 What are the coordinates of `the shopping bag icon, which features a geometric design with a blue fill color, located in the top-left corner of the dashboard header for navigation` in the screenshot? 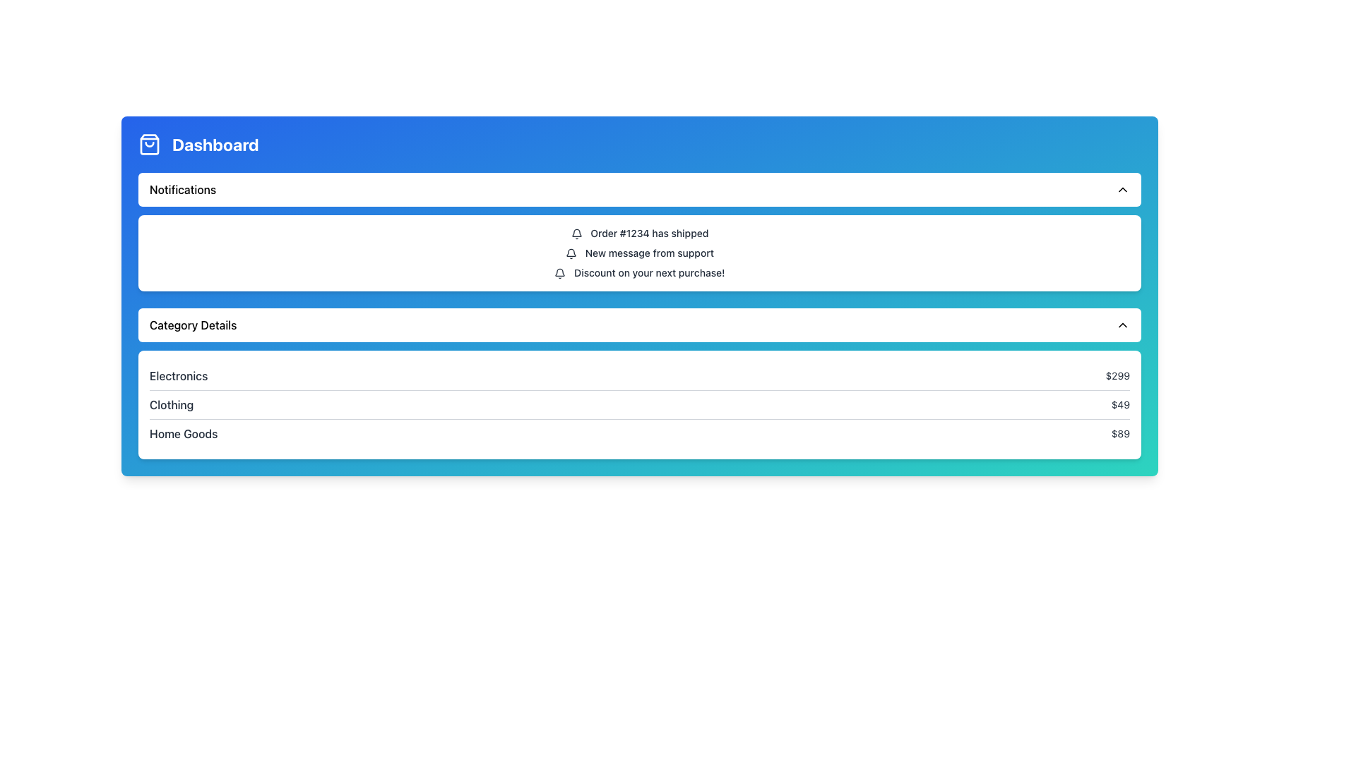 It's located at (149, 144).